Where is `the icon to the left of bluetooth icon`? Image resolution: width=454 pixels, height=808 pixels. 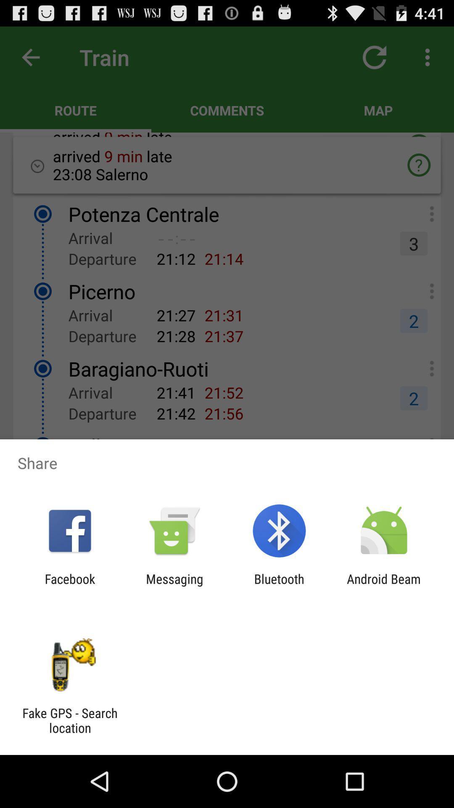 the icon to the left of bluetooth icon is located at coordinates (174, 586).